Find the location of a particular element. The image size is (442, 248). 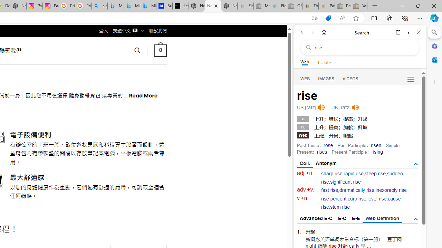

'  0  ' is located at coordinates (160, 50).